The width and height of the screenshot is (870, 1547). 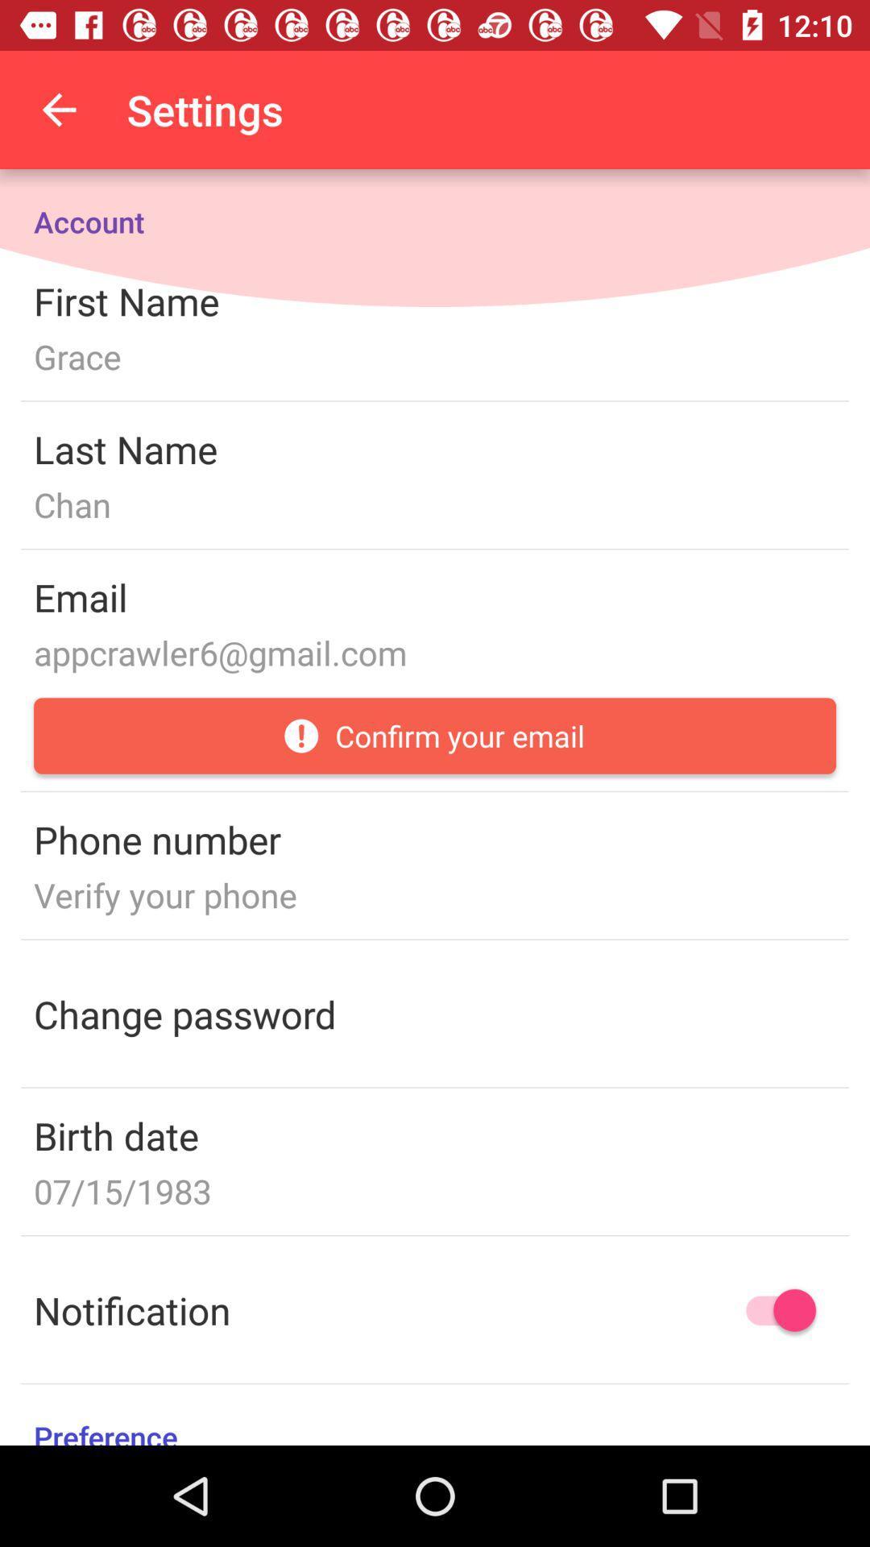 I want to click on notification, so click(x=773, y=1310).